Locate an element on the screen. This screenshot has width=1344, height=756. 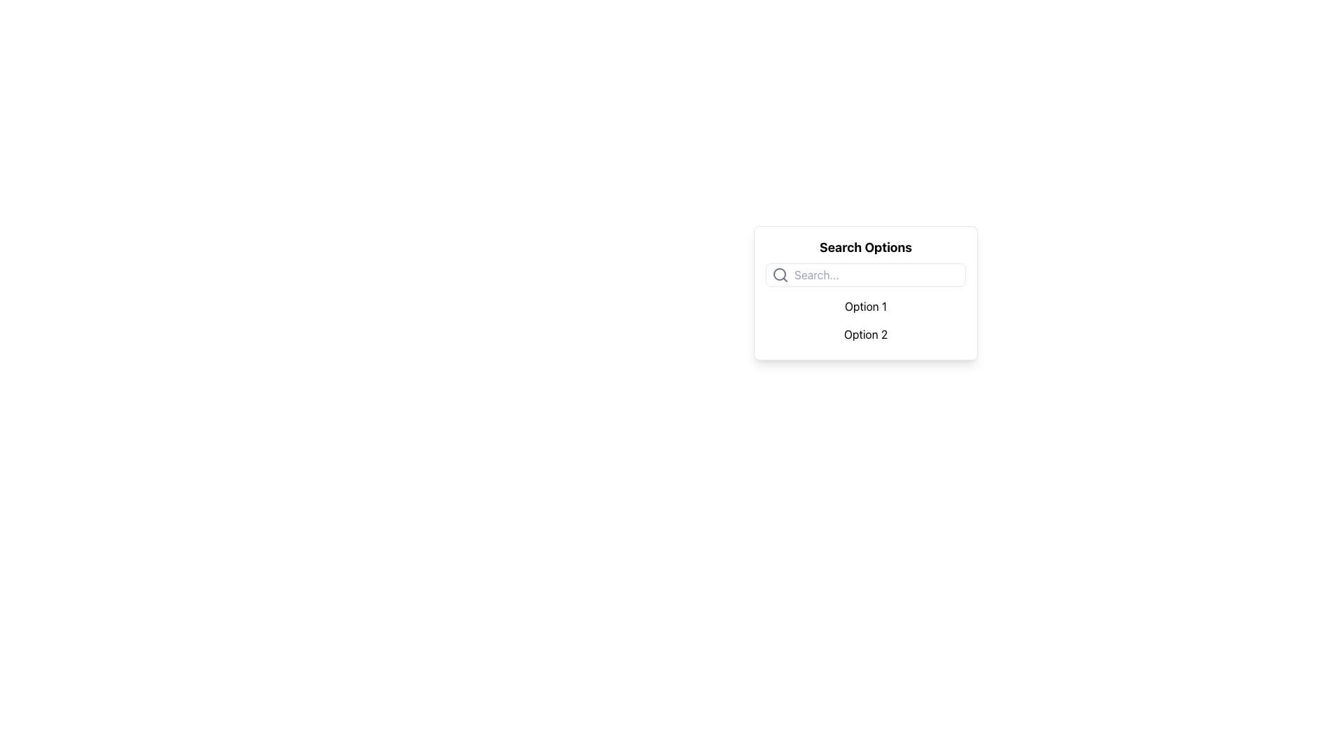
the 'Search Options' label, which is a bold text label with a larger font size, located at the top of a white card-like box, above a search bar and two clickable options is located at coordinates (865, 247).